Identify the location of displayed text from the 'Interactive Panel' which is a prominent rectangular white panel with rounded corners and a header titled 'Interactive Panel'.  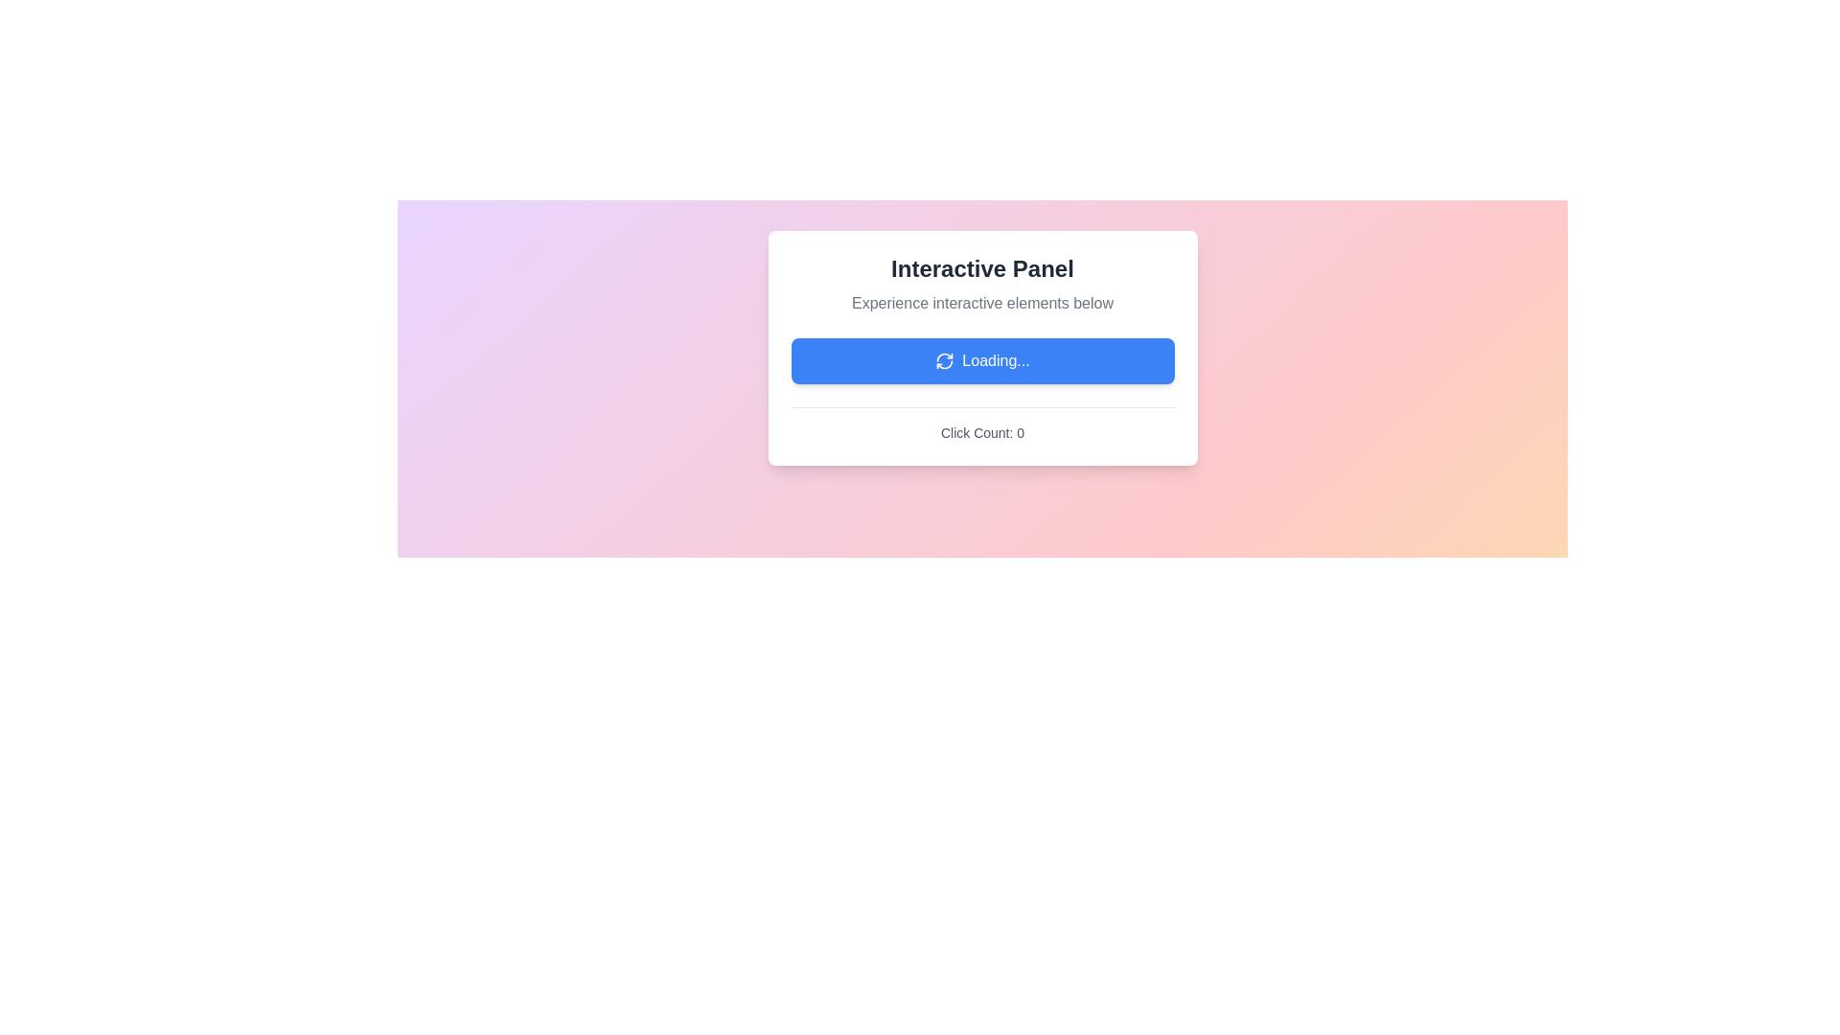
(982, 348).